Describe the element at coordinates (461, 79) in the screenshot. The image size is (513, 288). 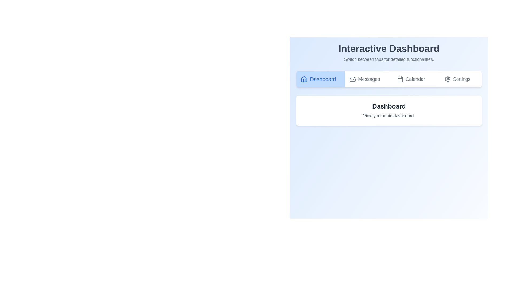
I see `the 'Settings' text label located at the top-right corner of the interface, styled in gray and changing appearance when hovered over, indicating interactivity` at that location.